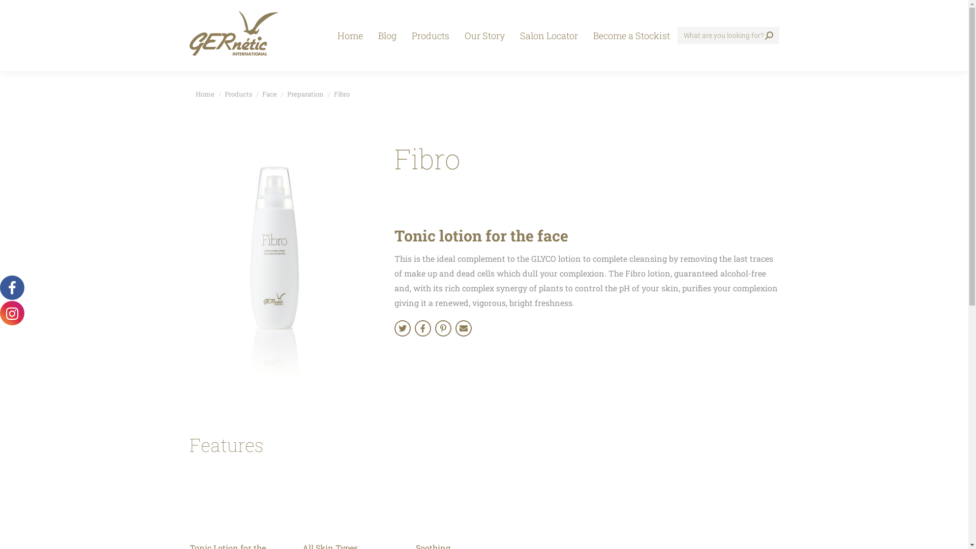 The image size is (976, 549). Describe the element at coordinates (443, 328) in the screenshot. I see `'Pinterest'` at that location.